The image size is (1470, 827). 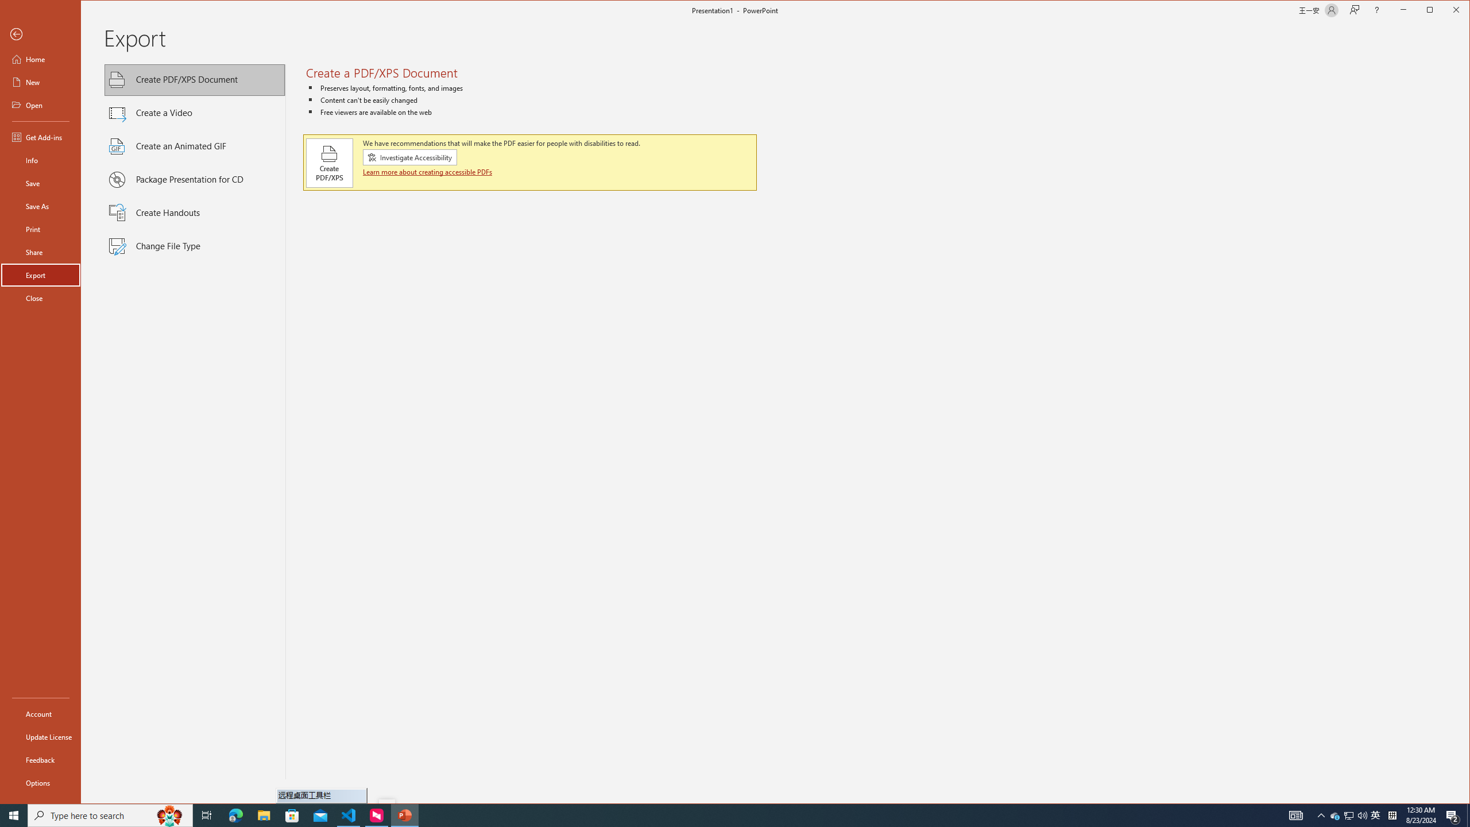 I want to click on 'File Explorer', so click(x=263, y=814).